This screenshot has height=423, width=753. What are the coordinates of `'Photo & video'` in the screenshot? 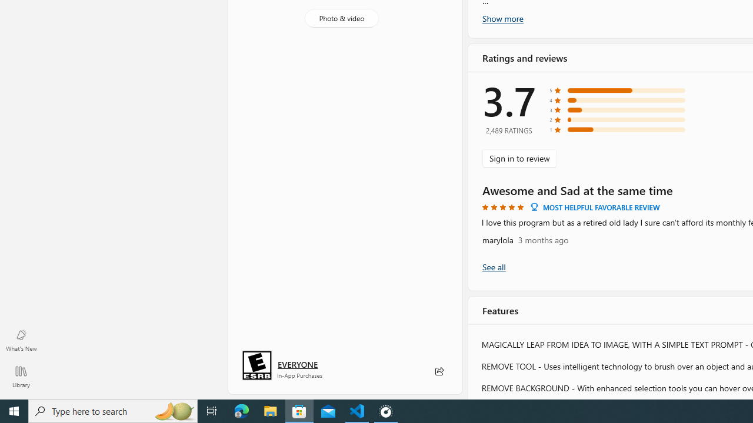 It's located at (340, 18).